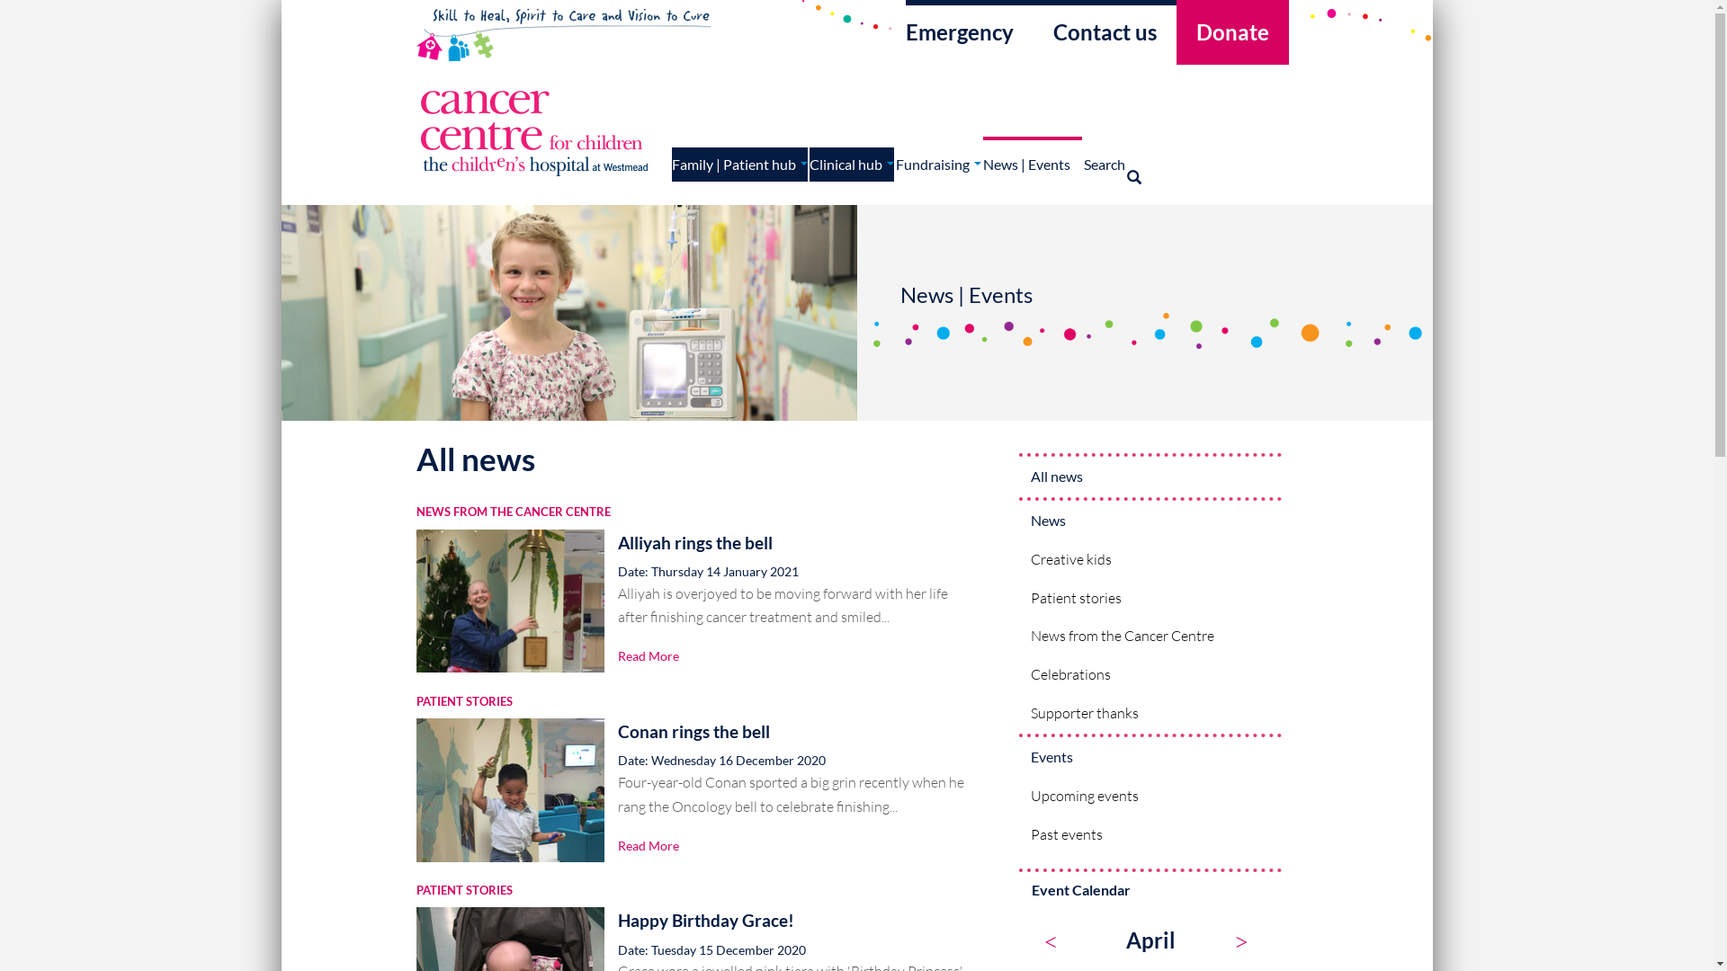 This screenshot has height=971, width=1727. What do you see at coordinates (1150, 939) in the screenshot?
I see `'April'` at bounding box center [1150, 939].